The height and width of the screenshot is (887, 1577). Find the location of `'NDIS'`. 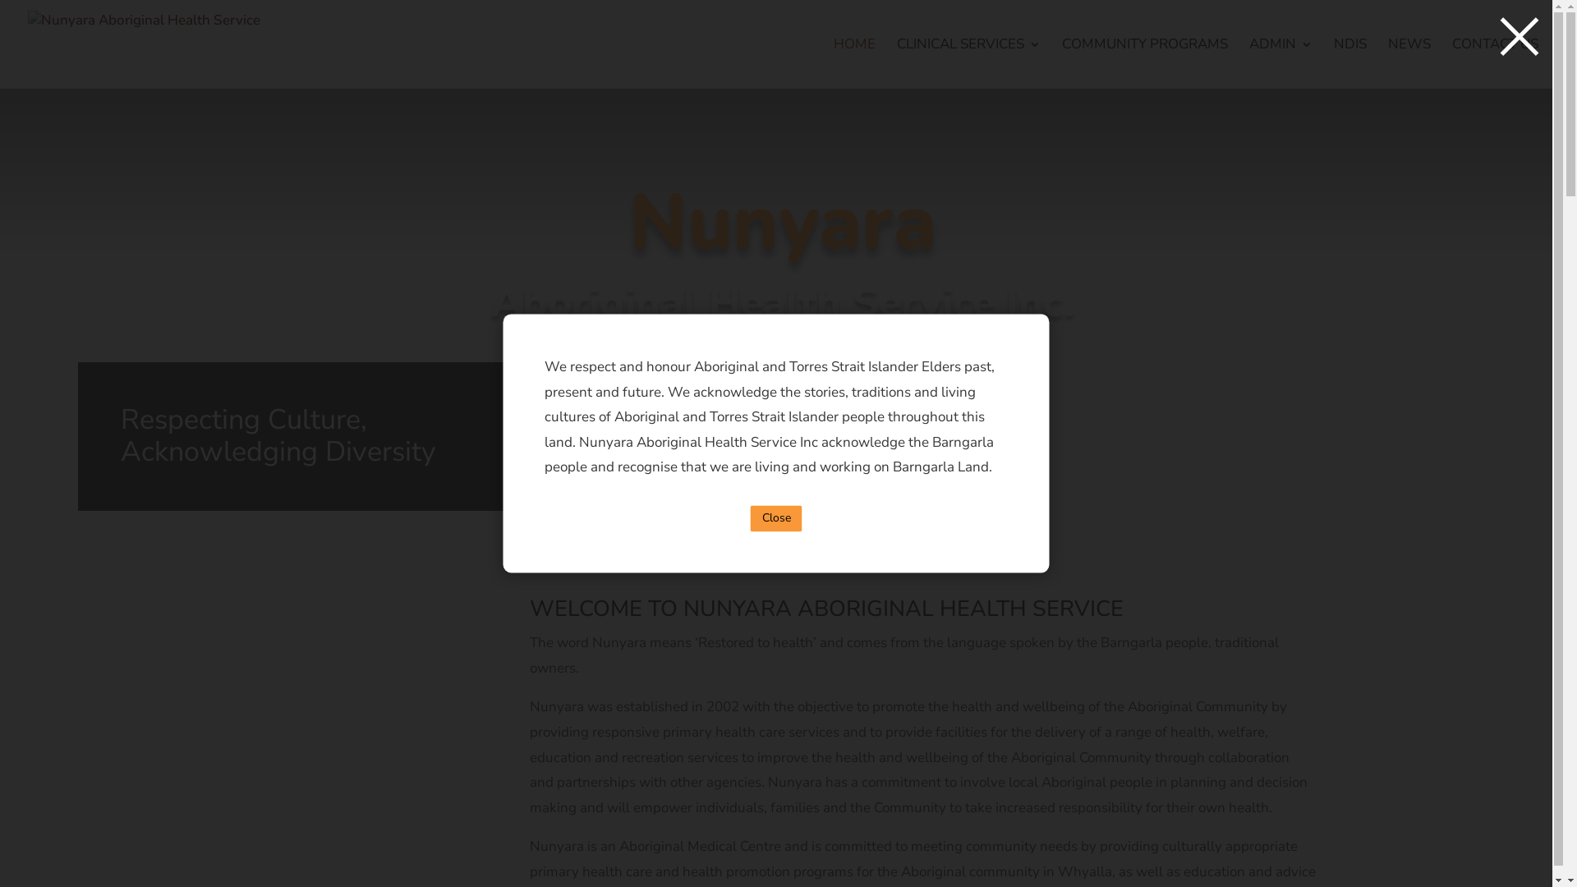

'NDIS' is located at coordinates (1349, 62).